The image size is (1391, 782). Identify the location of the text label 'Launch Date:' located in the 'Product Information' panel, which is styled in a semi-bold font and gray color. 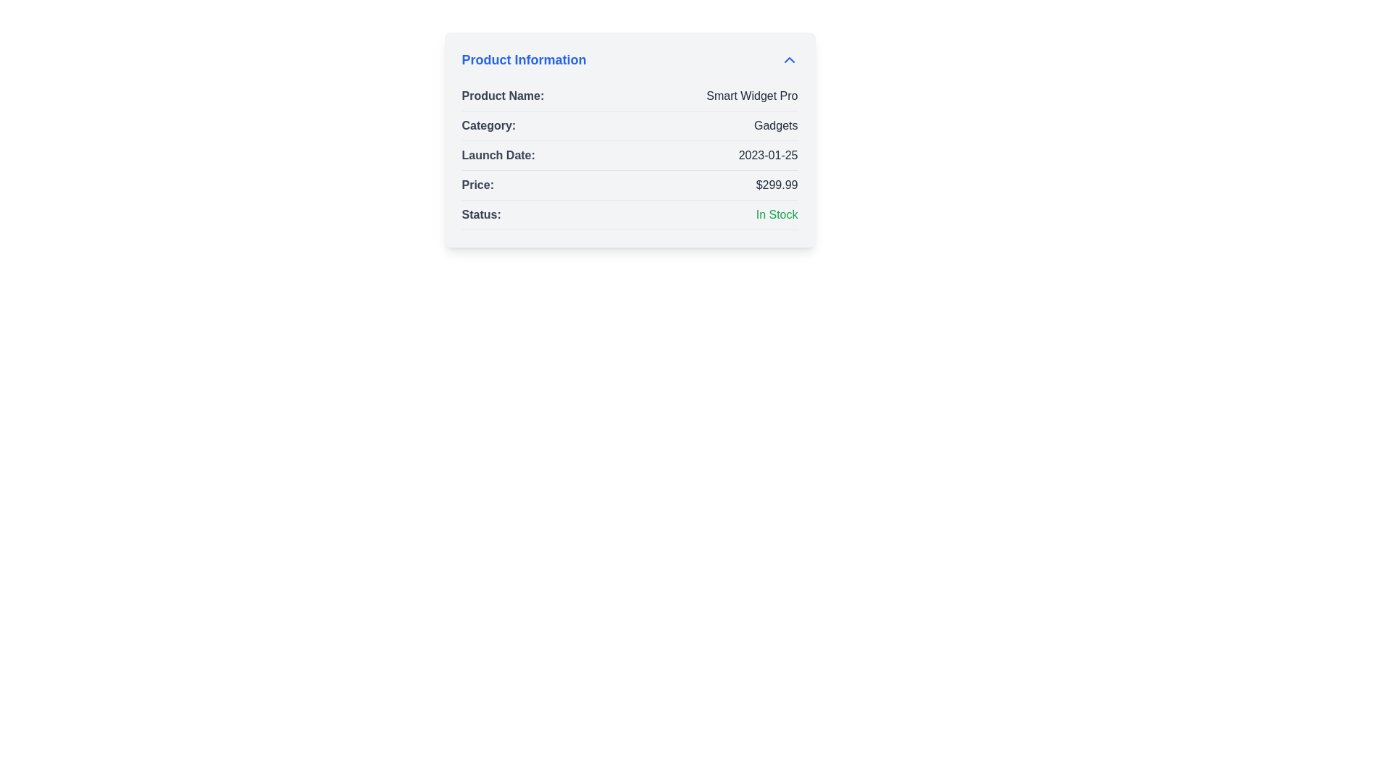
(498, 156).